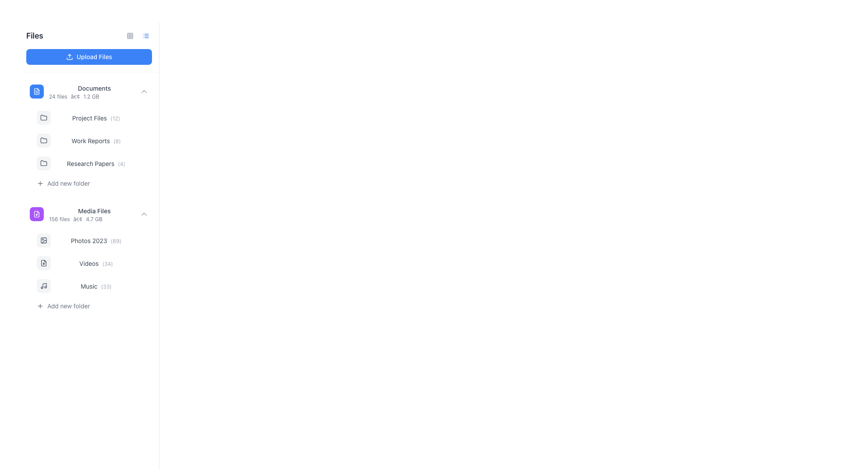  What do you see at coordinates (94, 91) in the screenshot?
I see `the 'Documents' list item in the left sidebar` at bounding box center [94, 91].